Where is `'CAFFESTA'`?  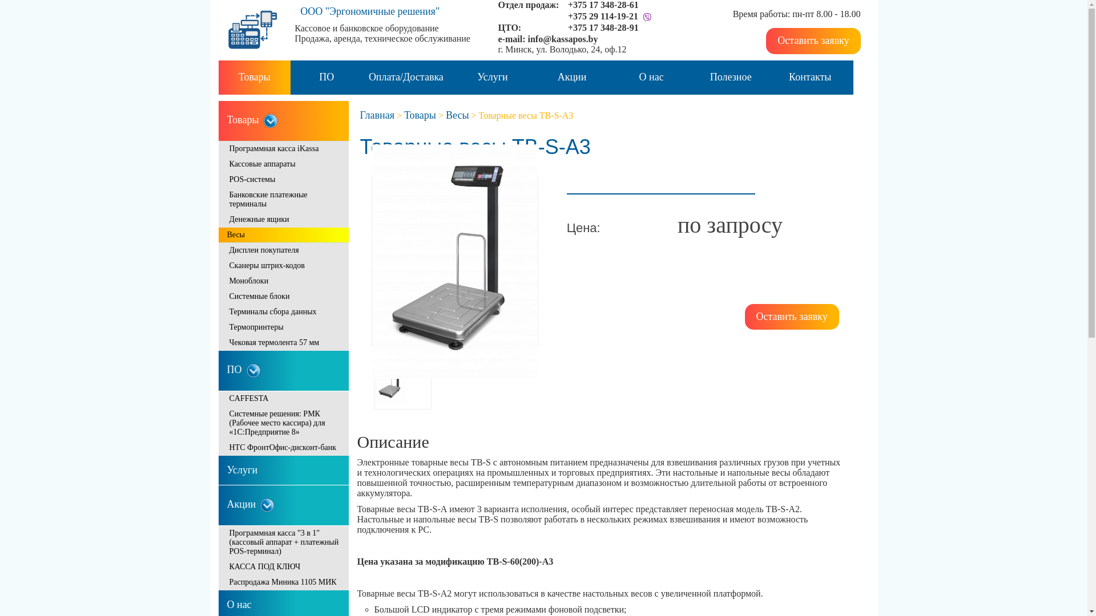
'CAFFESTA' is located at coordinates (283, 398).